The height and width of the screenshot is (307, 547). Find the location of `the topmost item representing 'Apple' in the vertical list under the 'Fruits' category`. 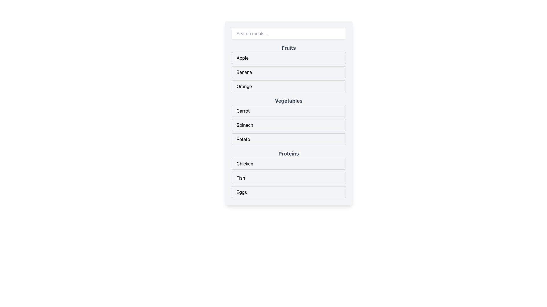

the topmost item representing 'Apple' in the vertical list under the 'Fruits' category is located at coordinates (289, 58).